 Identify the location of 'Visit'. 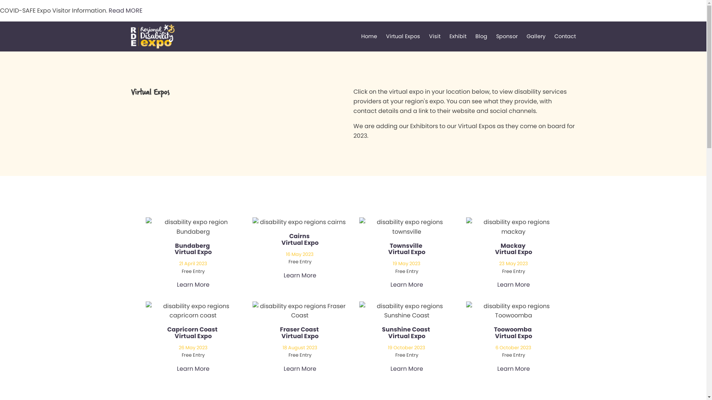
(434, 36).